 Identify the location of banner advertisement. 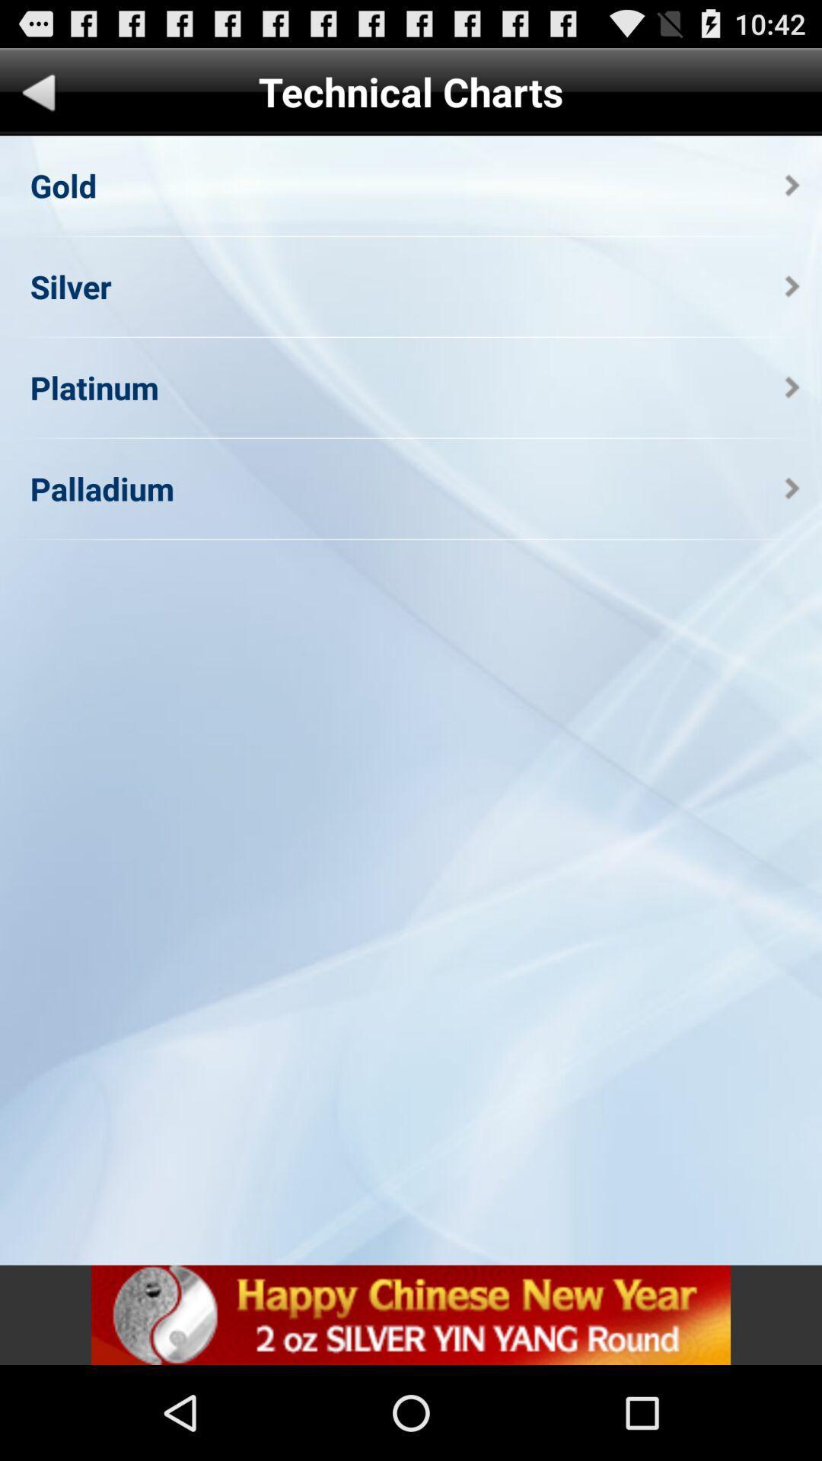
(411, 1314).